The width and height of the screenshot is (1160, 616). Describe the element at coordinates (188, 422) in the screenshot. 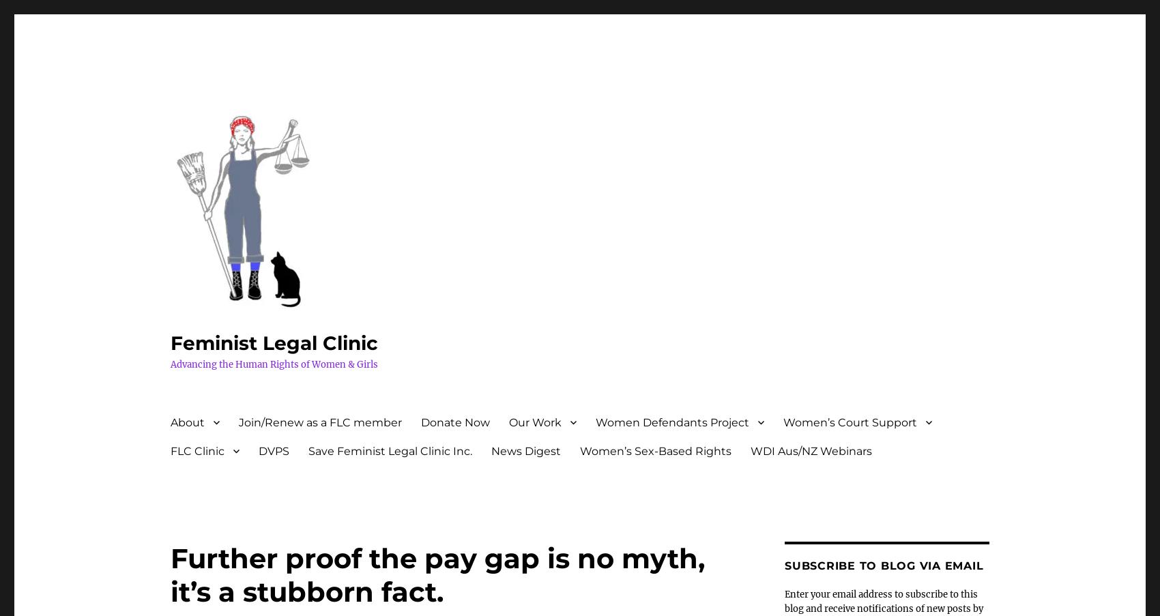

I see `'About'` at that location.